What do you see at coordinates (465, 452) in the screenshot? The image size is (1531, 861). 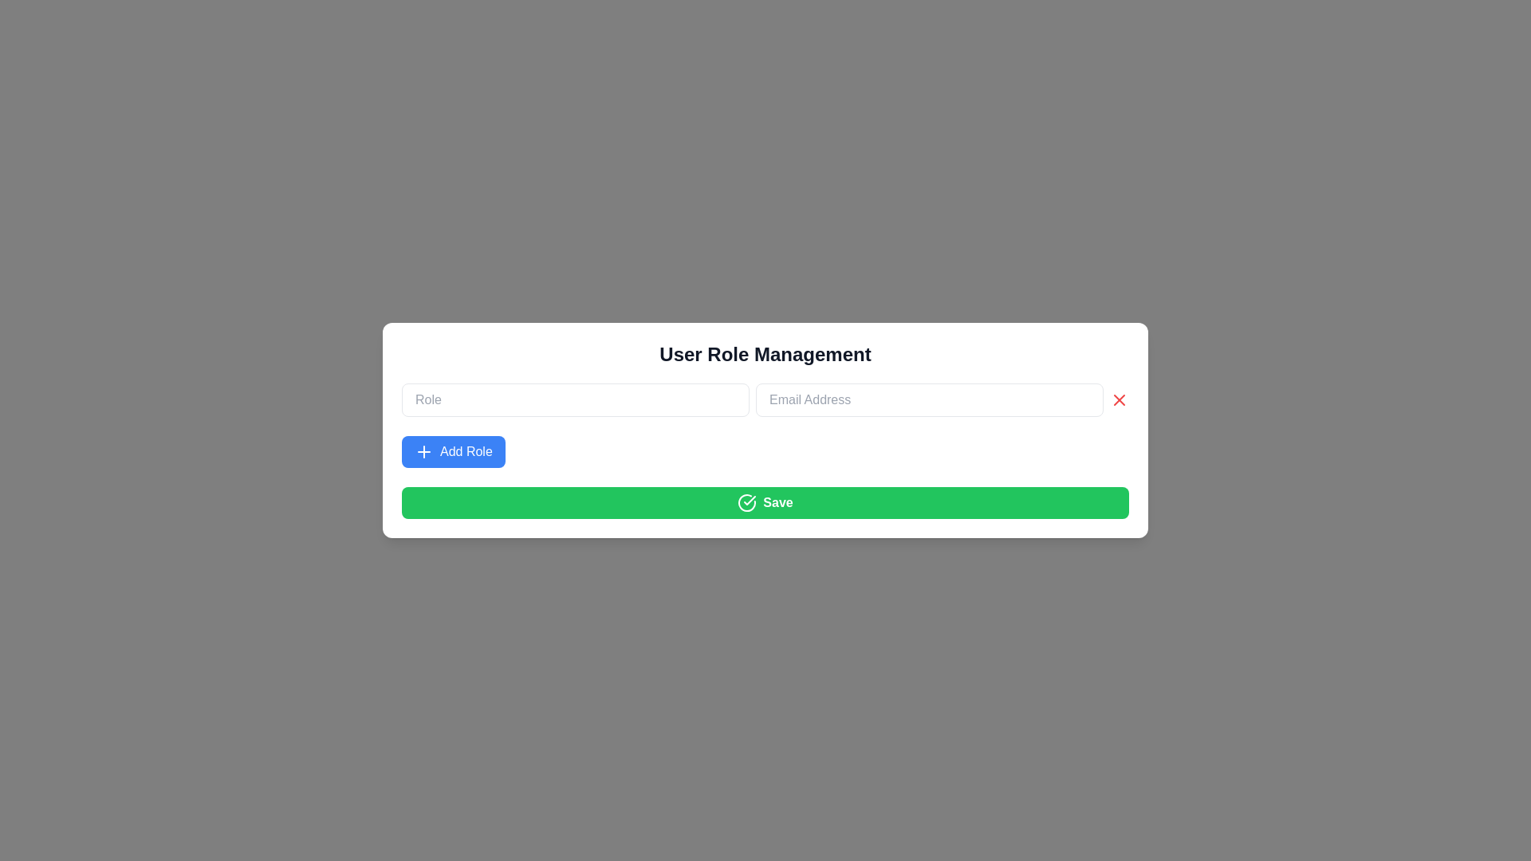 I see `the button labeled with a '+' icon and the 'Add Role' text` at bounding box center [465, 452].